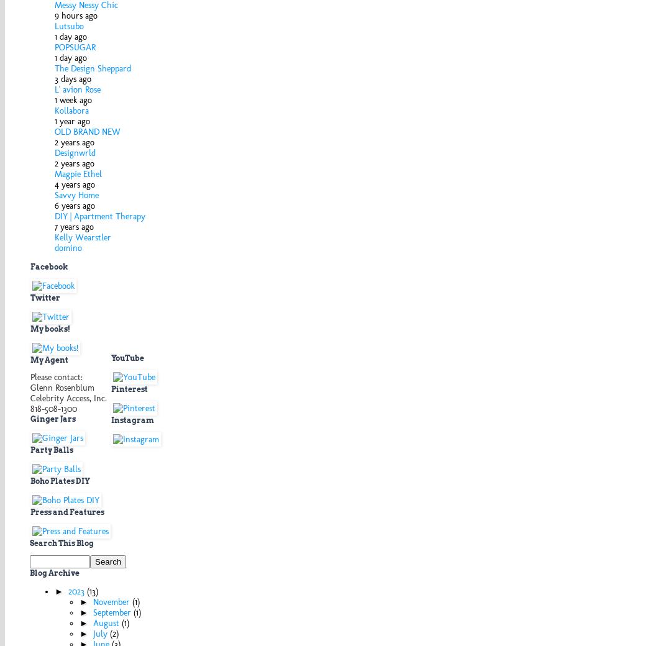 The width and height of the screenshot is (645, 646). What do you see at coordinates (48, 358) in the screenshot?
I see `'My Agent'` at bounding box center [48, 358].